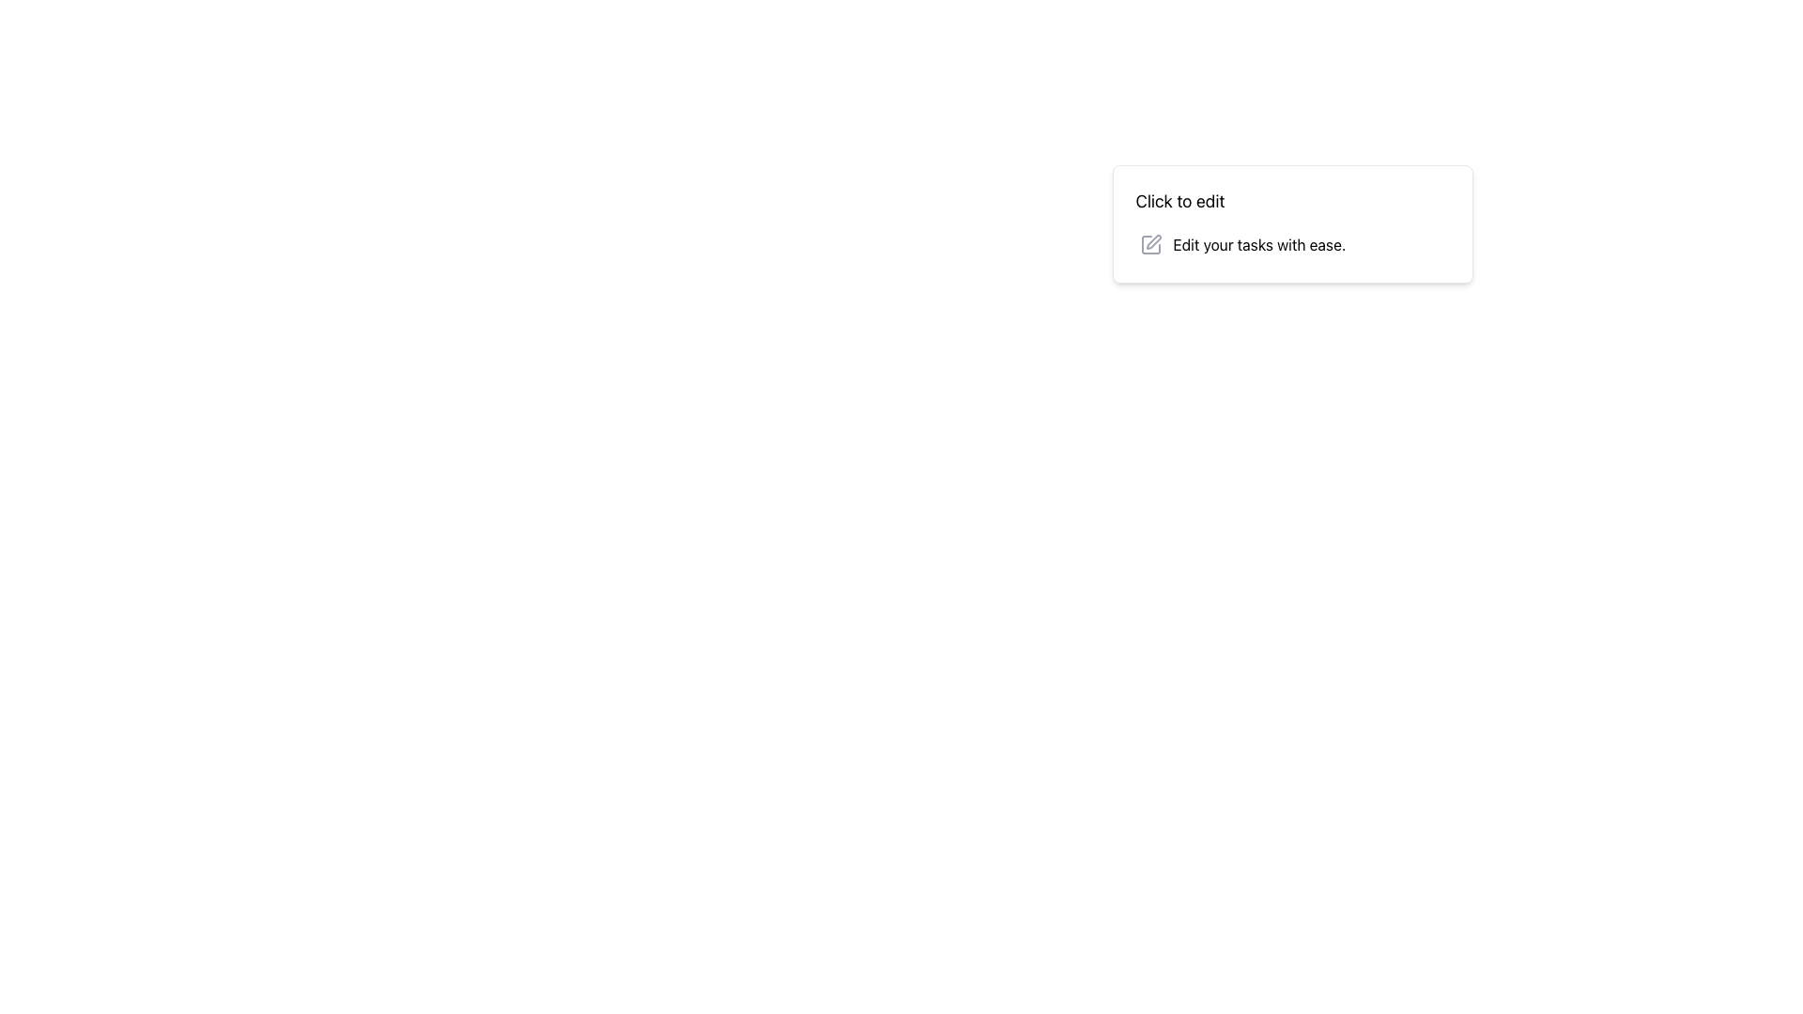 The width and height of the screenshot is (1803, 1014). I want to click on the 'Click to edit' text label, so click(1179, 202).